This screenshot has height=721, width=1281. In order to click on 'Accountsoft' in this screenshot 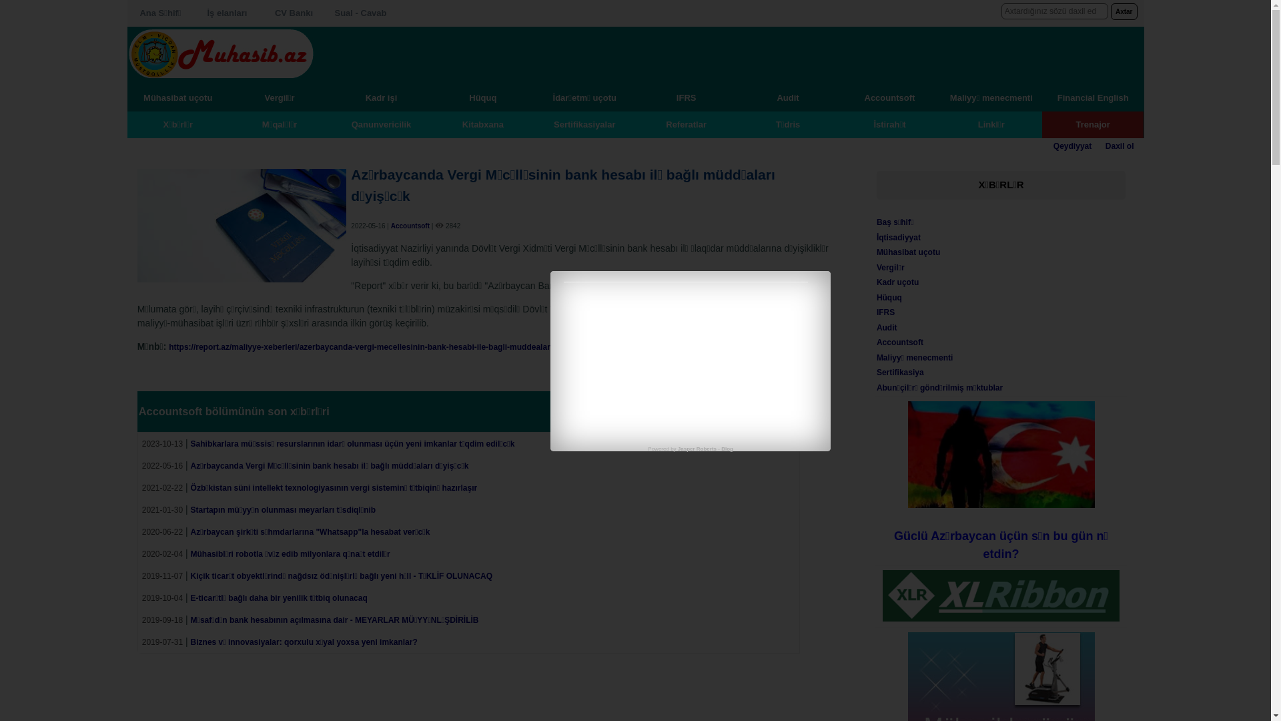, I will do `click(899, 342)`.